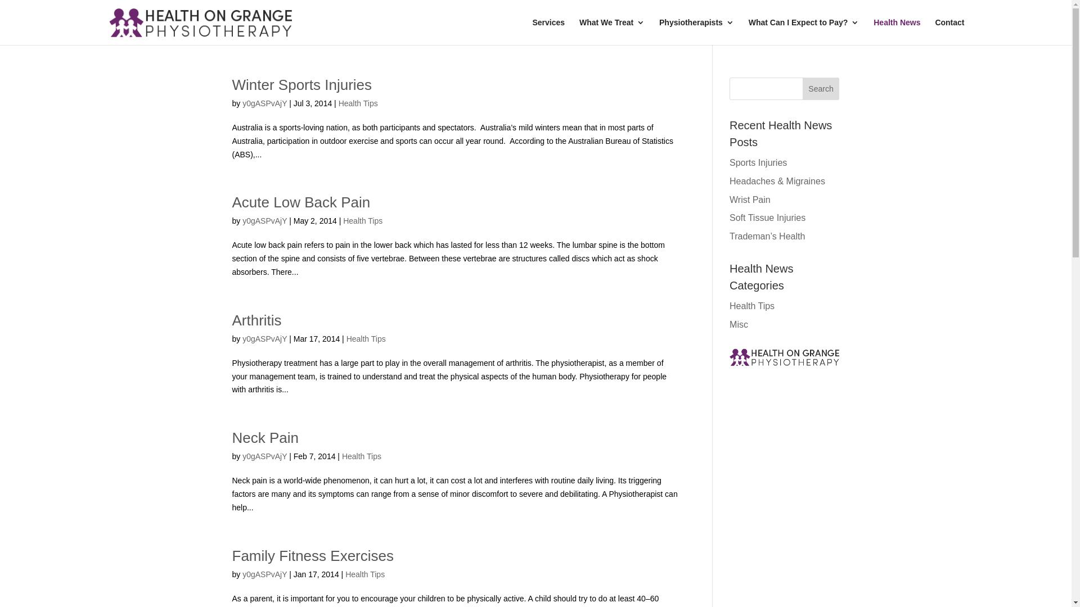 The height and width of the screenshot is (607, 1080). Describe the element at coordinates (696, 31) in the screenshot. I see `'Physiotherapists'` at that location.